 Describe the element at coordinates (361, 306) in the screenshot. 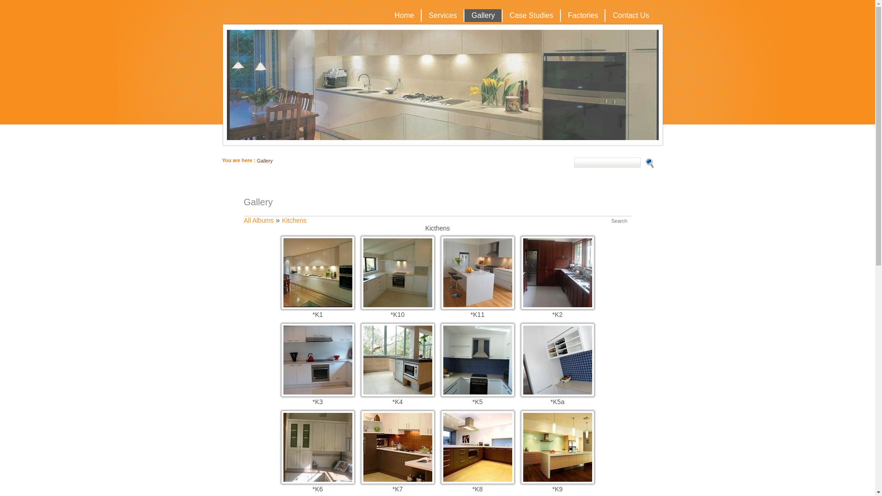

I see `'*K10'` at that location.